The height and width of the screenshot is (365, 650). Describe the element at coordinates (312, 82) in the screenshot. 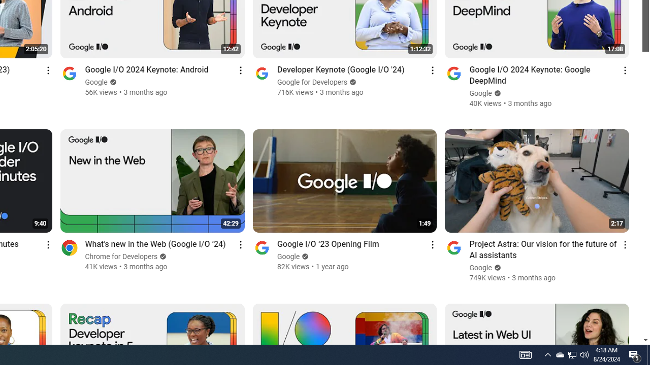

I see `'Google for Developers'` at that location.